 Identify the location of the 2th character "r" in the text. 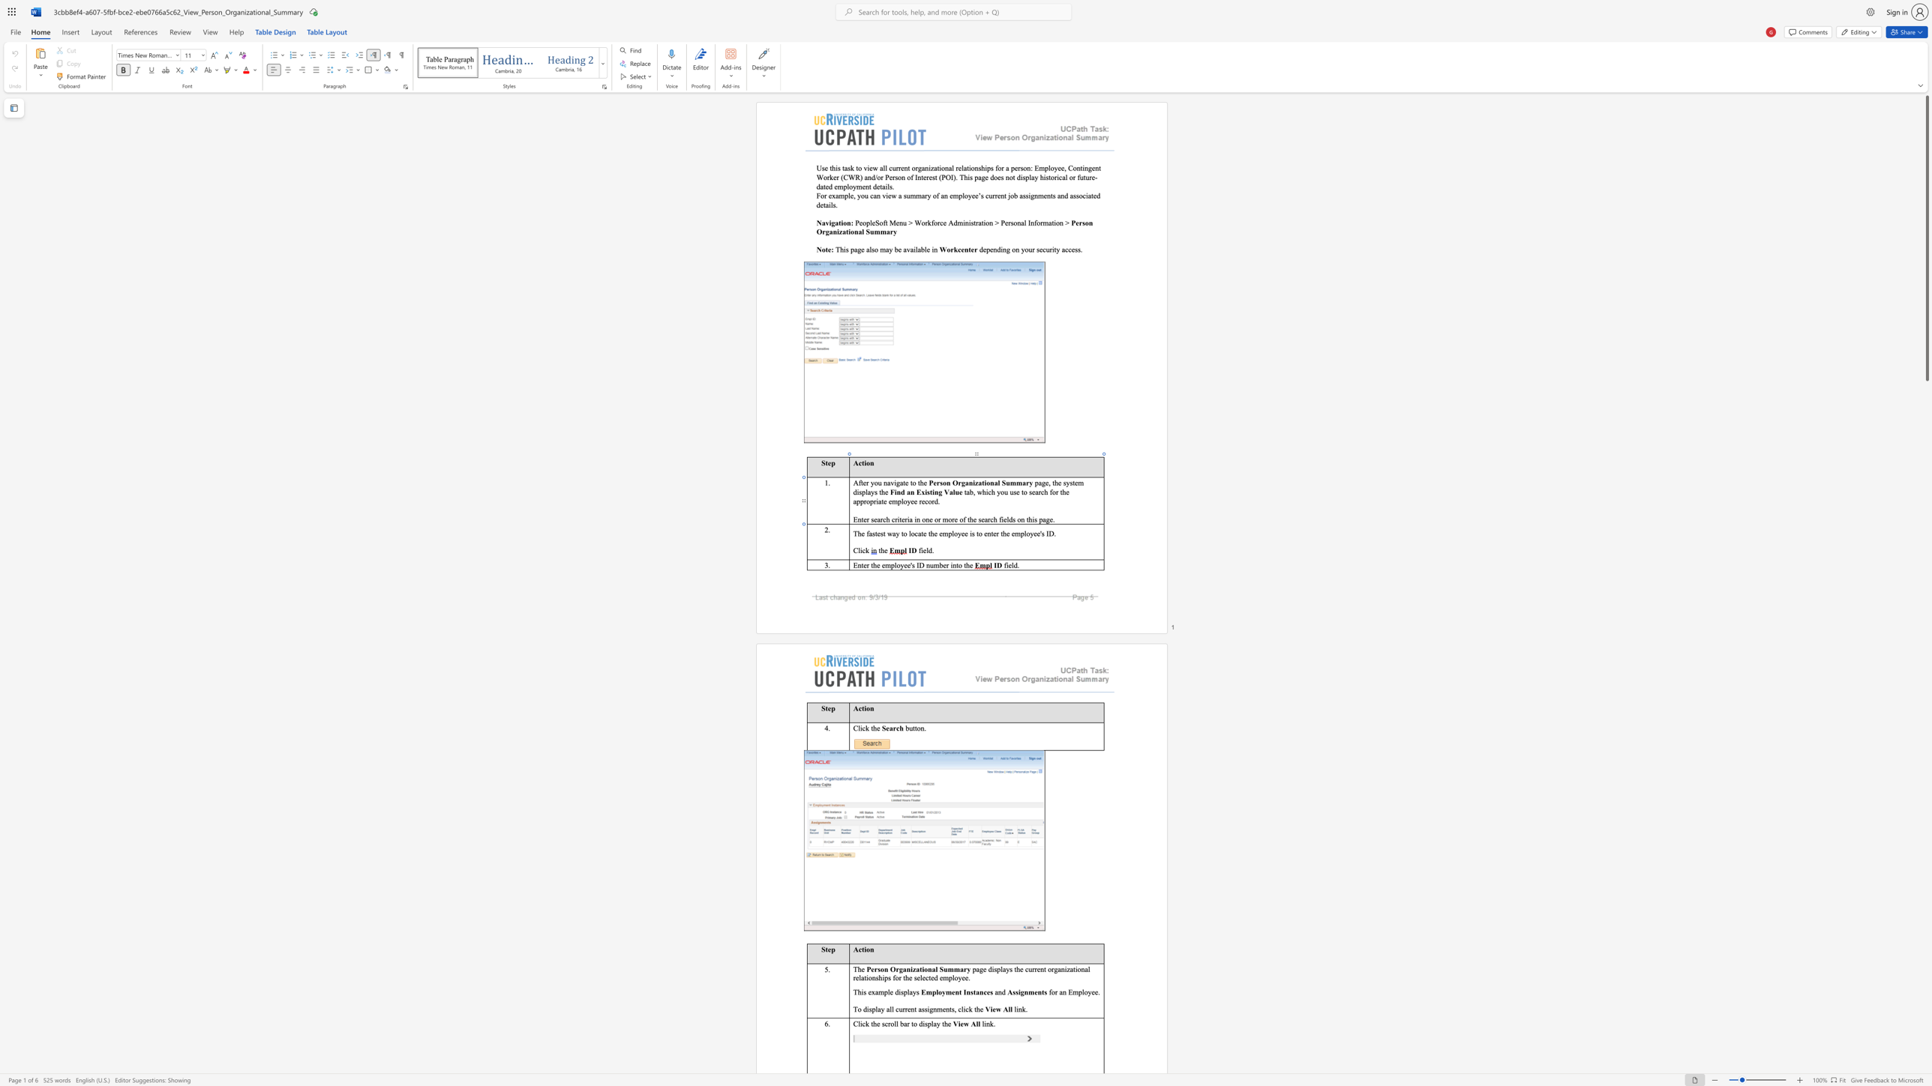
(908, 1022).